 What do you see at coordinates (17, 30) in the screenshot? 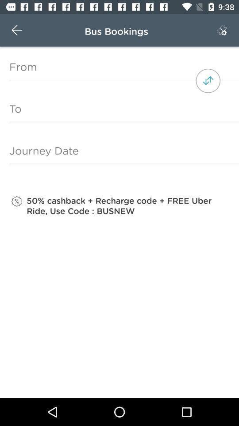
I see `icon to the left of bus bookings` at bounding box center [17, 30].